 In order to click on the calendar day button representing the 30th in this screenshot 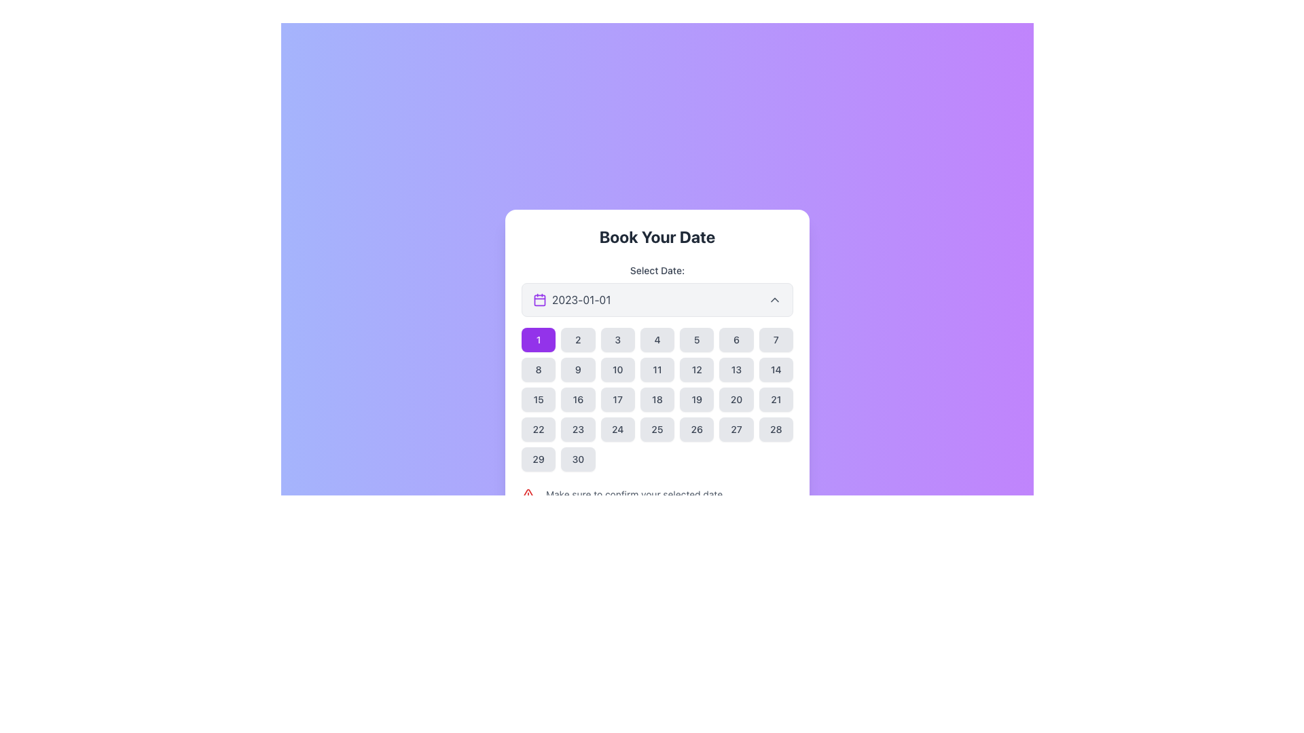, I will do `click(578, 459)`.